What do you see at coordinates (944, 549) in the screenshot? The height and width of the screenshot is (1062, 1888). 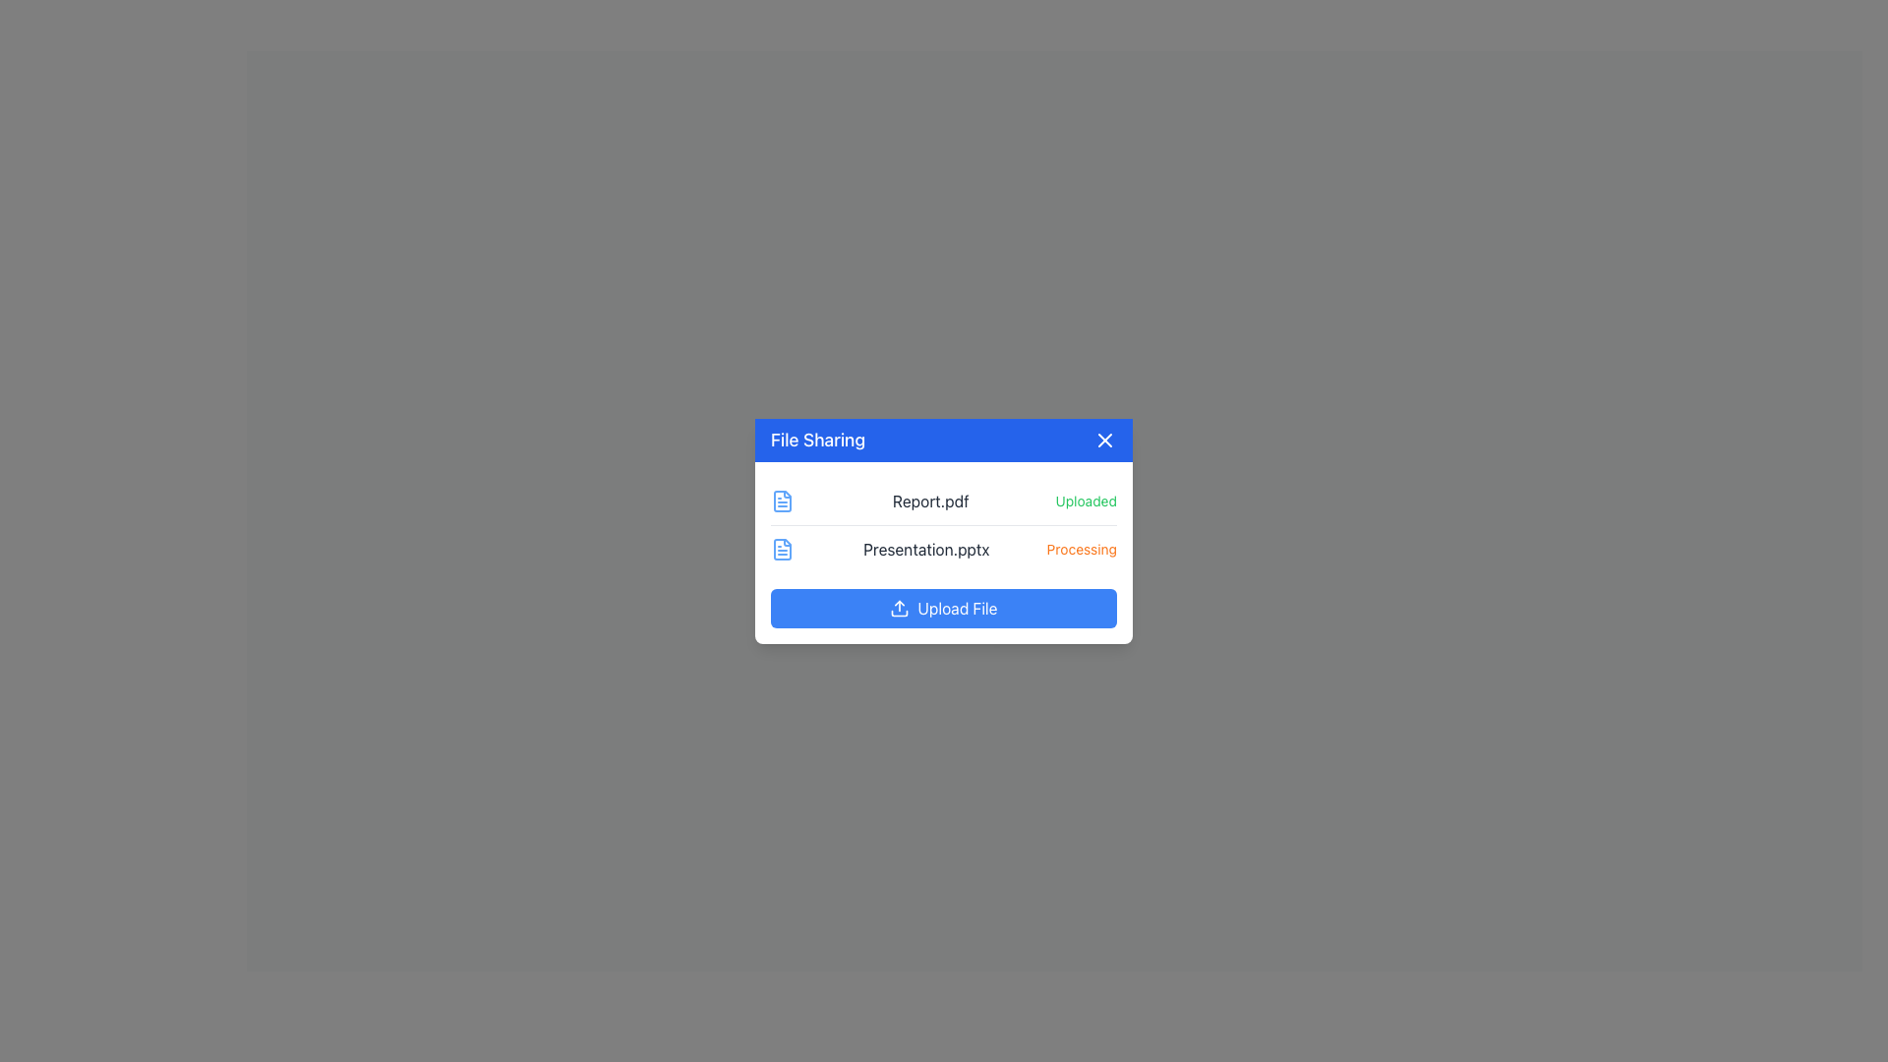 I see `the List Item element displaying 'Presentation.pptx' with a status of 'Processing'` at bounding box center [944, 549].